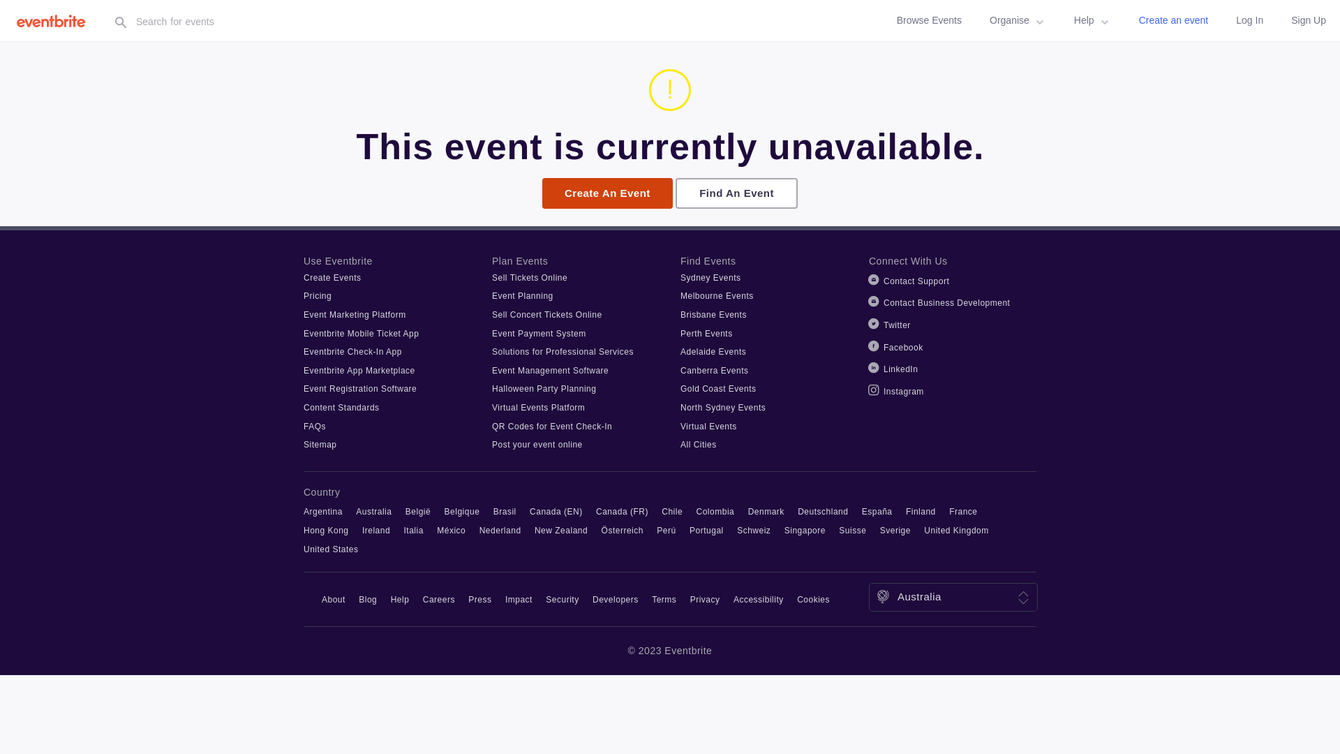 The width and height of the screenshot is (1340, 754). Describe the element at coordinates (538, 334) in the screenshot. I see `'Event Payment System'` at that location.